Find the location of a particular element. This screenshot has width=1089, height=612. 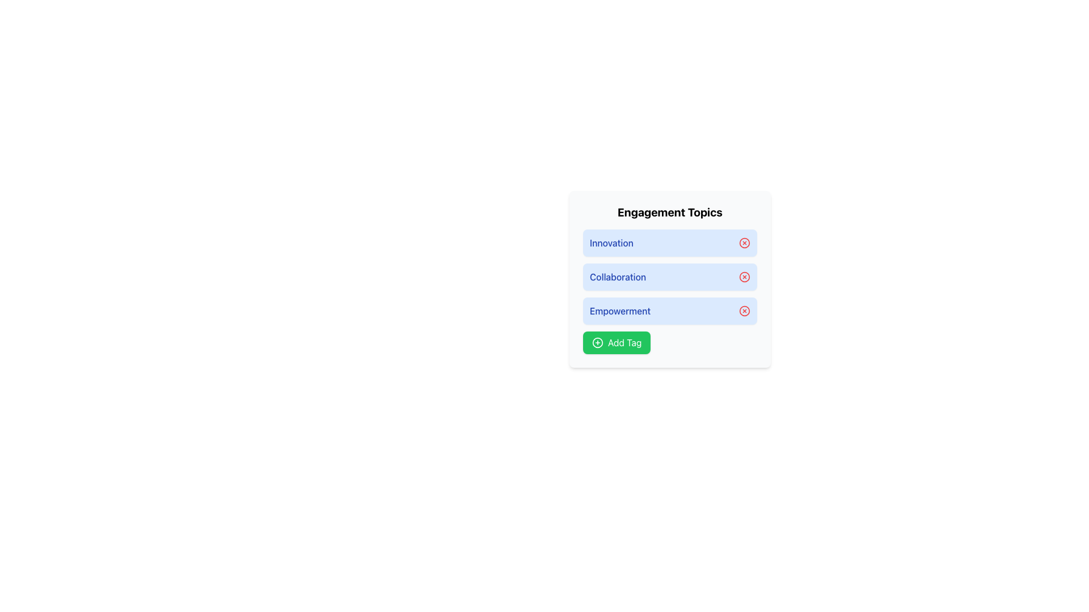

the rectangular button with a green background and rounded corners labeled 'Add Tag' to observe hover effects is located at coordinates (616, 342).